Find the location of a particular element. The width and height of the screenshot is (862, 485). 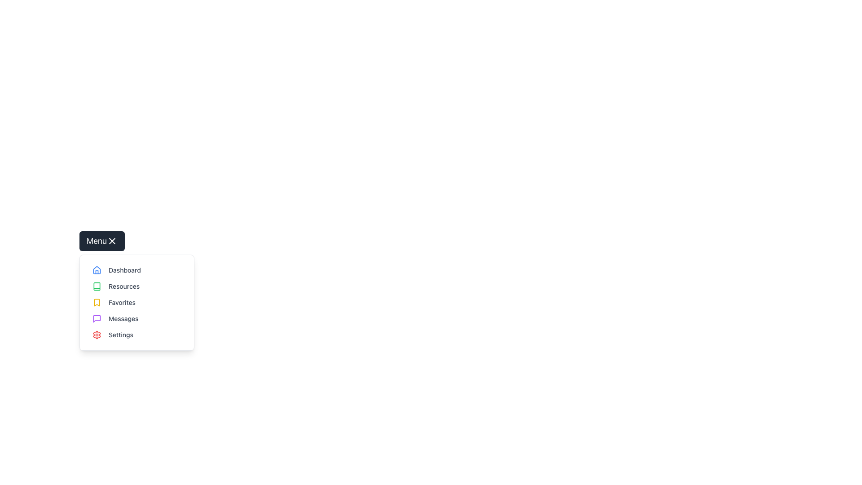

the messages icon located as the fourth item is located at coordinates (97, 318).